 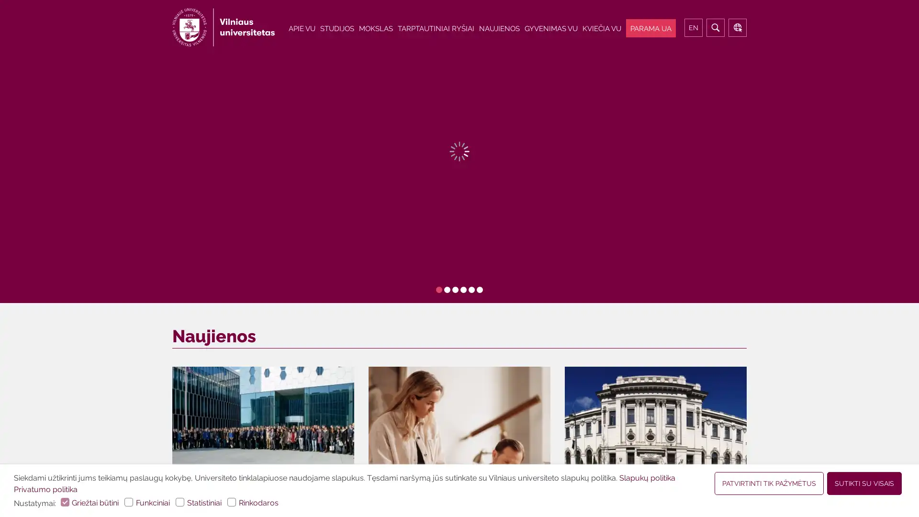 I want to click on cookie policy, so click(x=648, y=478).